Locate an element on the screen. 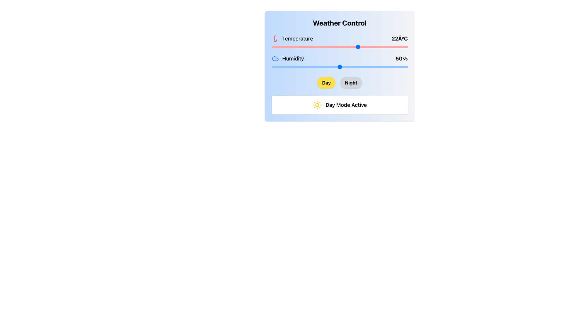 This screenshot has width=563, height=317. the humidity slider is located at coordinates (345, 66).